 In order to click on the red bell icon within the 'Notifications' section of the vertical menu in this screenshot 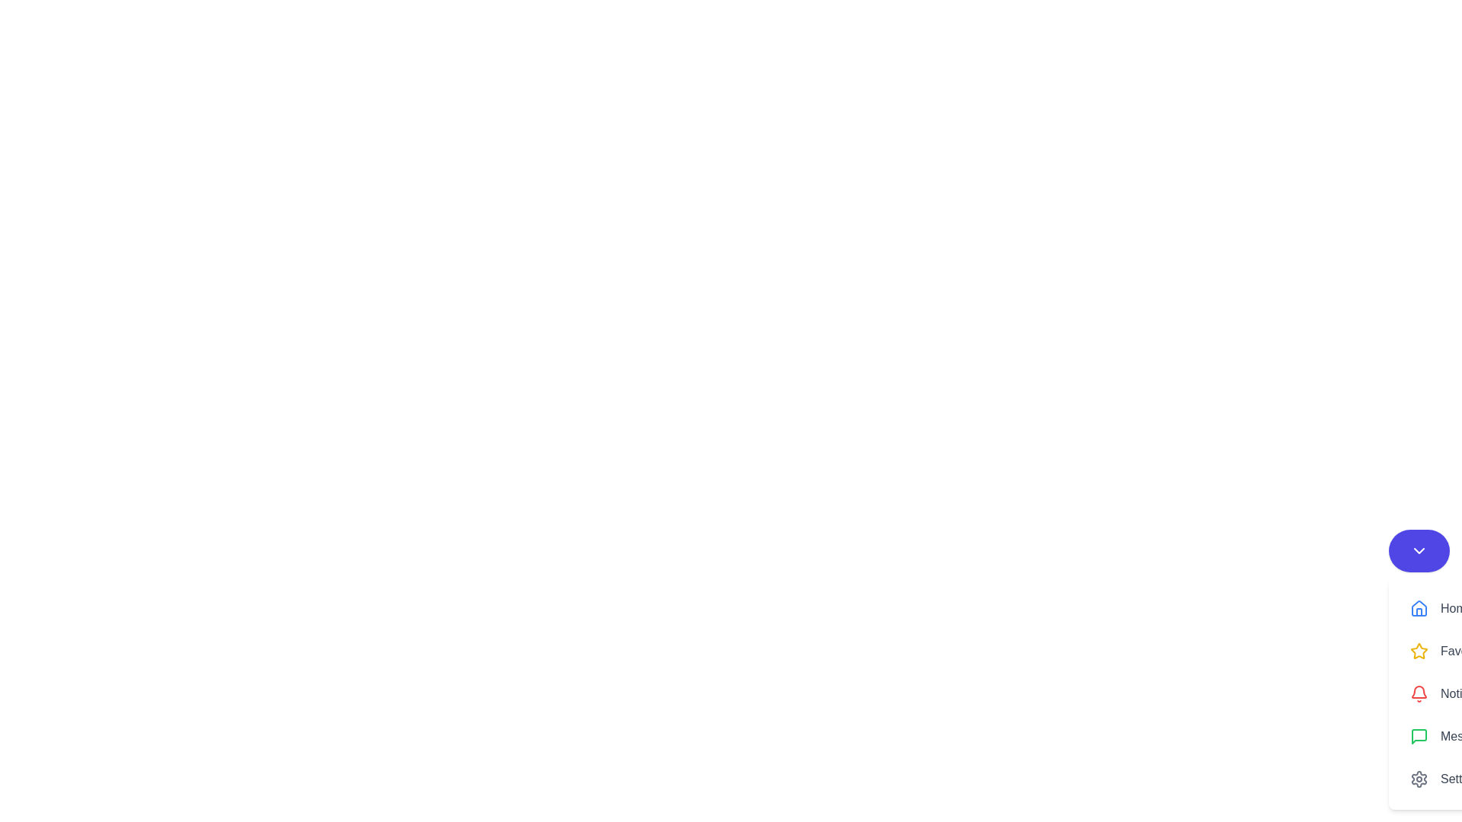, I will do `click(1418, 693)`.